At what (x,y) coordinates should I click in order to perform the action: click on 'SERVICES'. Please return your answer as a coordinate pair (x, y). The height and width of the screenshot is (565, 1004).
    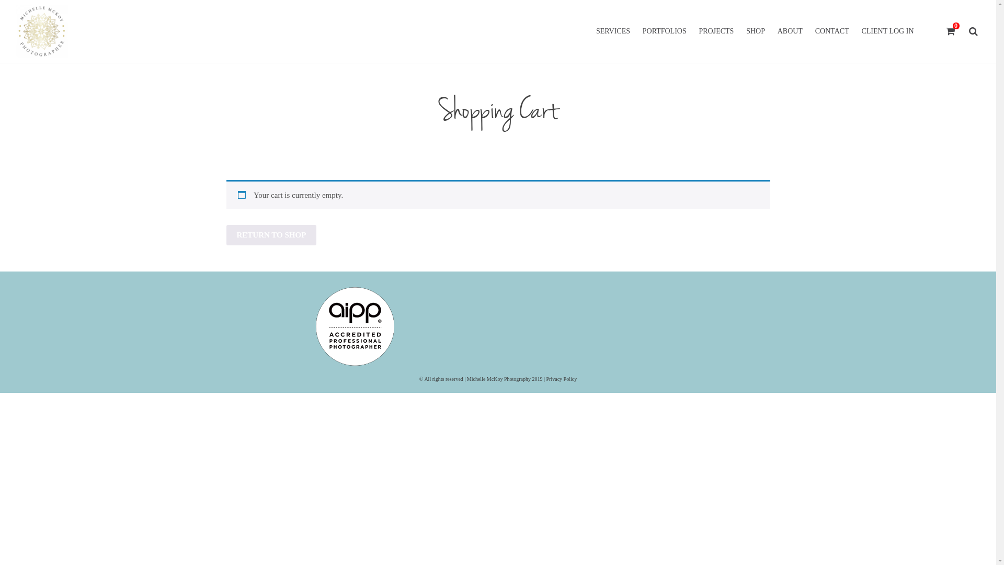
    Looking at the image, I should click on (590, 31).